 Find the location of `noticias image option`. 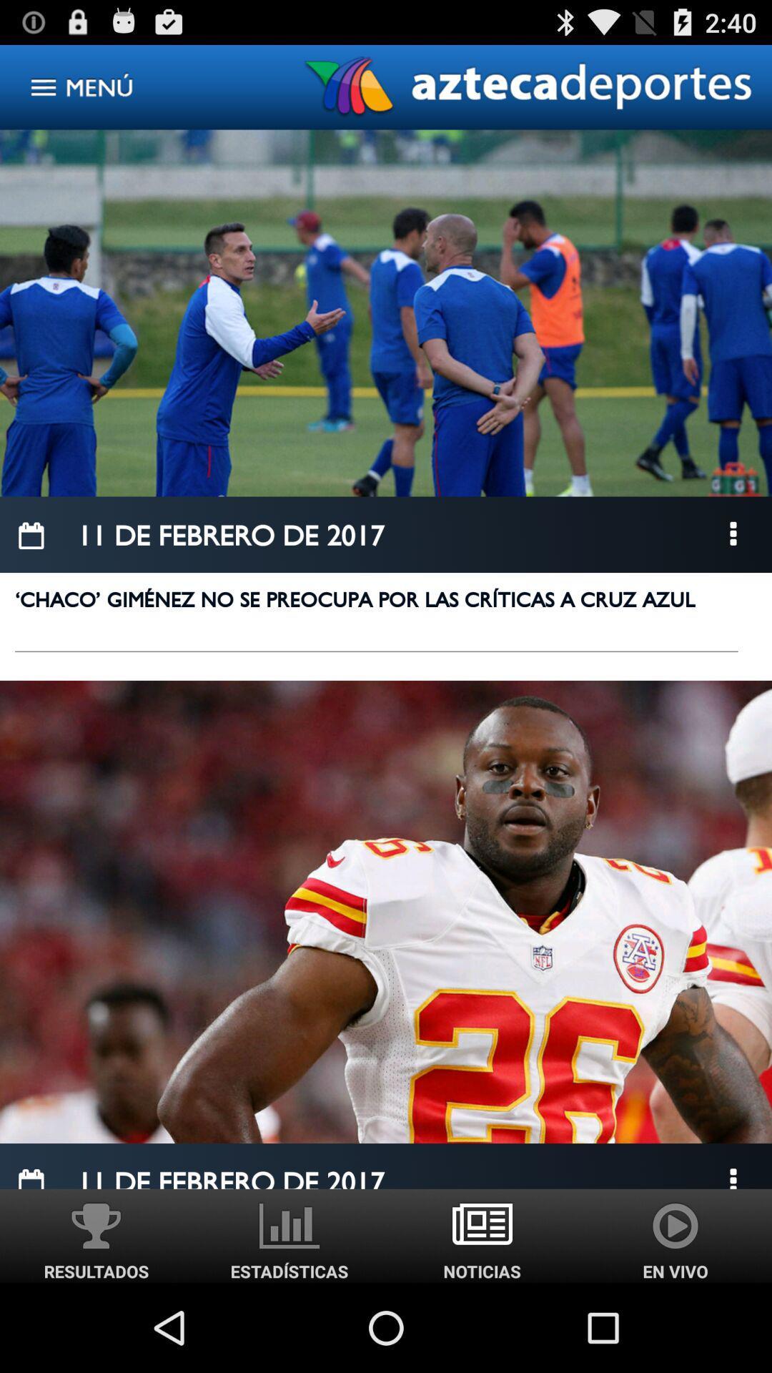

noticias image option is located at coordinates (482, 1235).